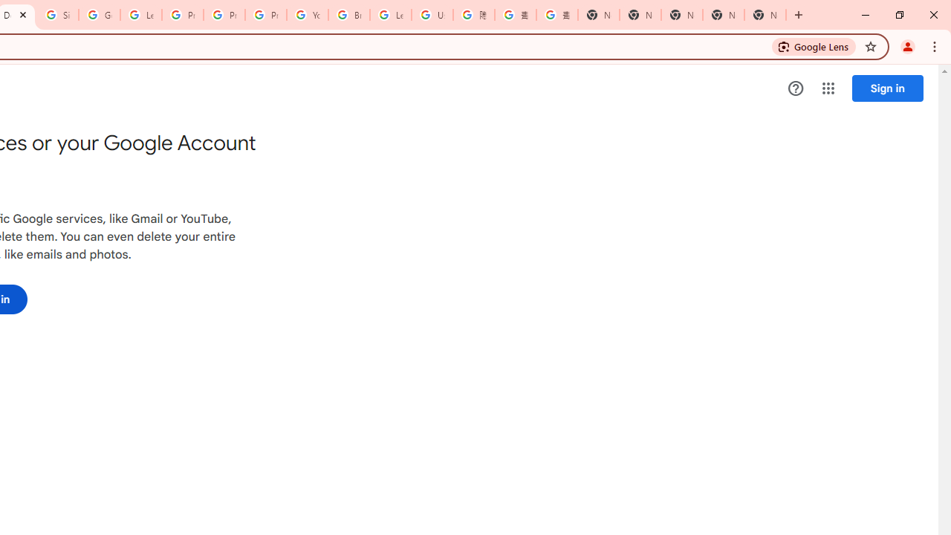 This screenshot has height=535, width=951. What do you see at coordinates (58, 15) in the screenshot?
I see `'Sign in - Google Accounts'` at bounding box center [58, 15].